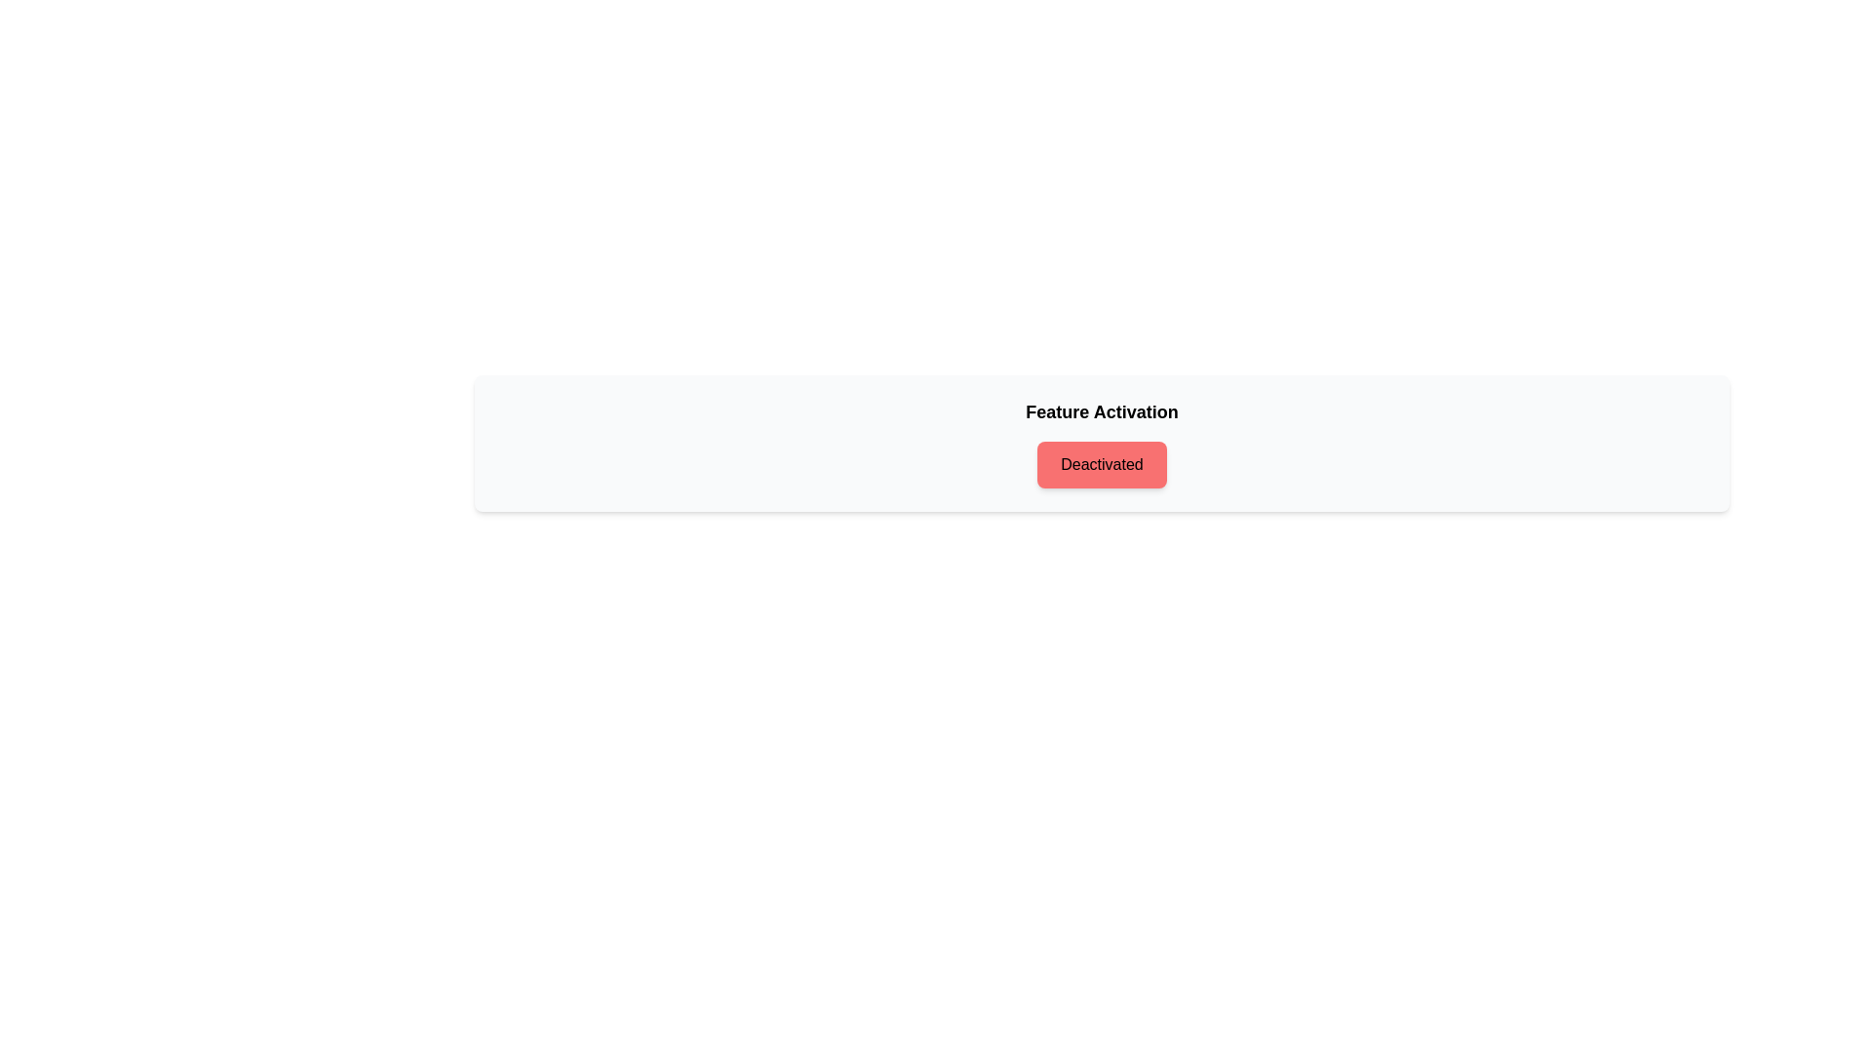  Describe the element at coordinates (1102, 465) in the screenshot. I see `the text 'Deactivated' to select it` at that location.